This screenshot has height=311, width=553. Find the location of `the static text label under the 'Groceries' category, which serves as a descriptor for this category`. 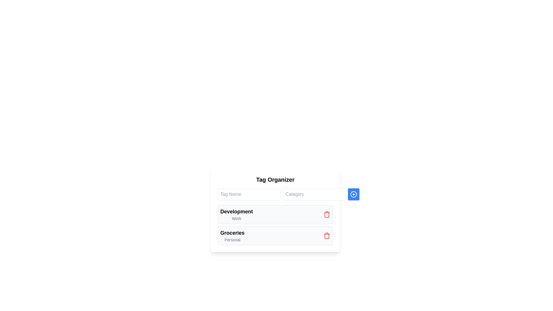

the static text label under the 'Groceries' category, which serves as a descriptor for this category is located at coordinates (232, 240).